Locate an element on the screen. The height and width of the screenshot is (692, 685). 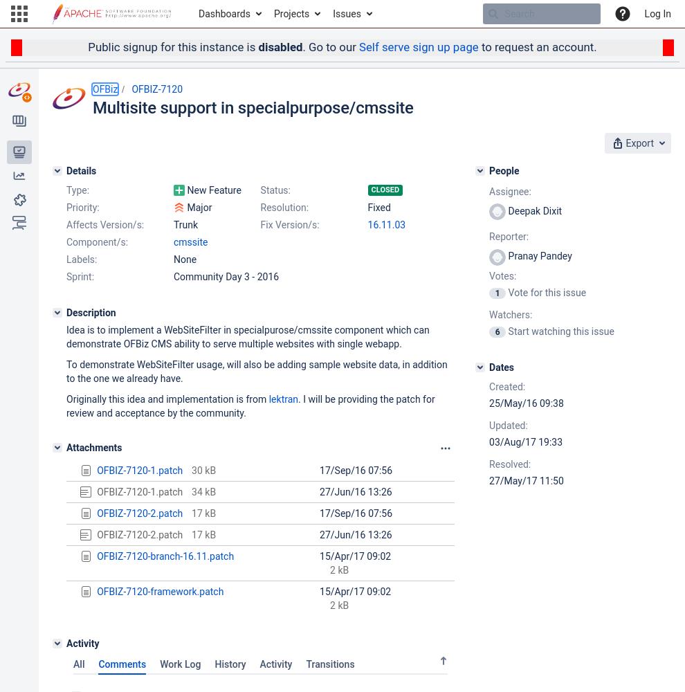
'. Go to our' is located at coordinates (330, 46).